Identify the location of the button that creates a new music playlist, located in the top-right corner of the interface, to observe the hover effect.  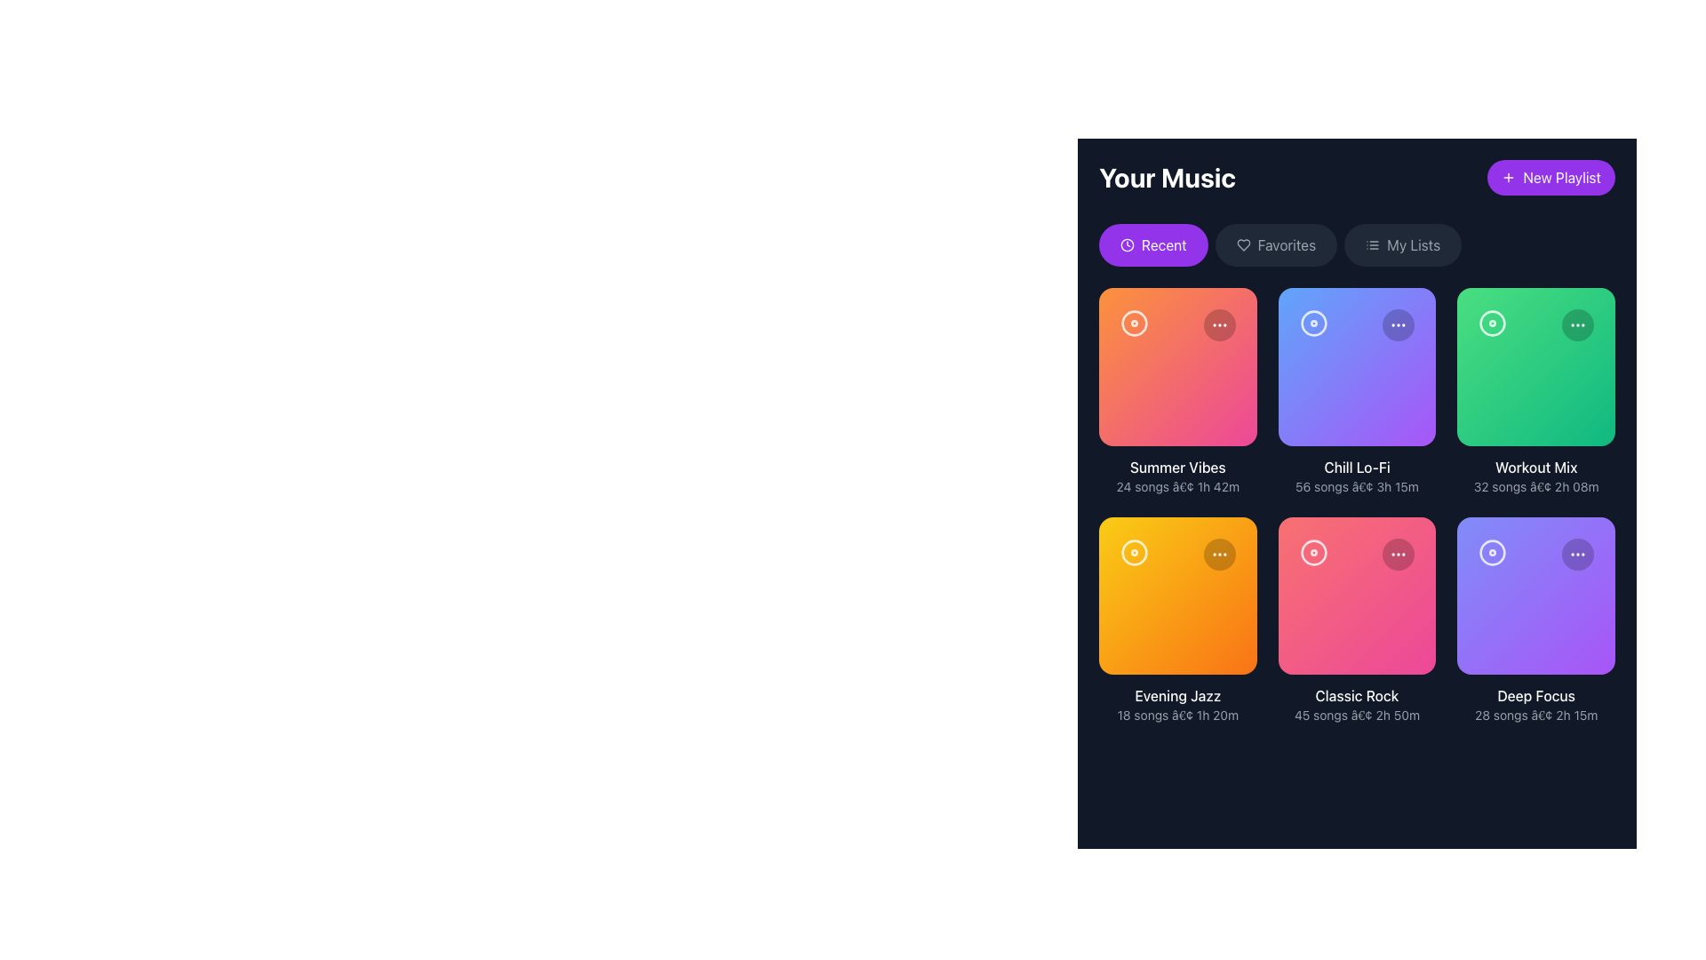
(1551, 178).